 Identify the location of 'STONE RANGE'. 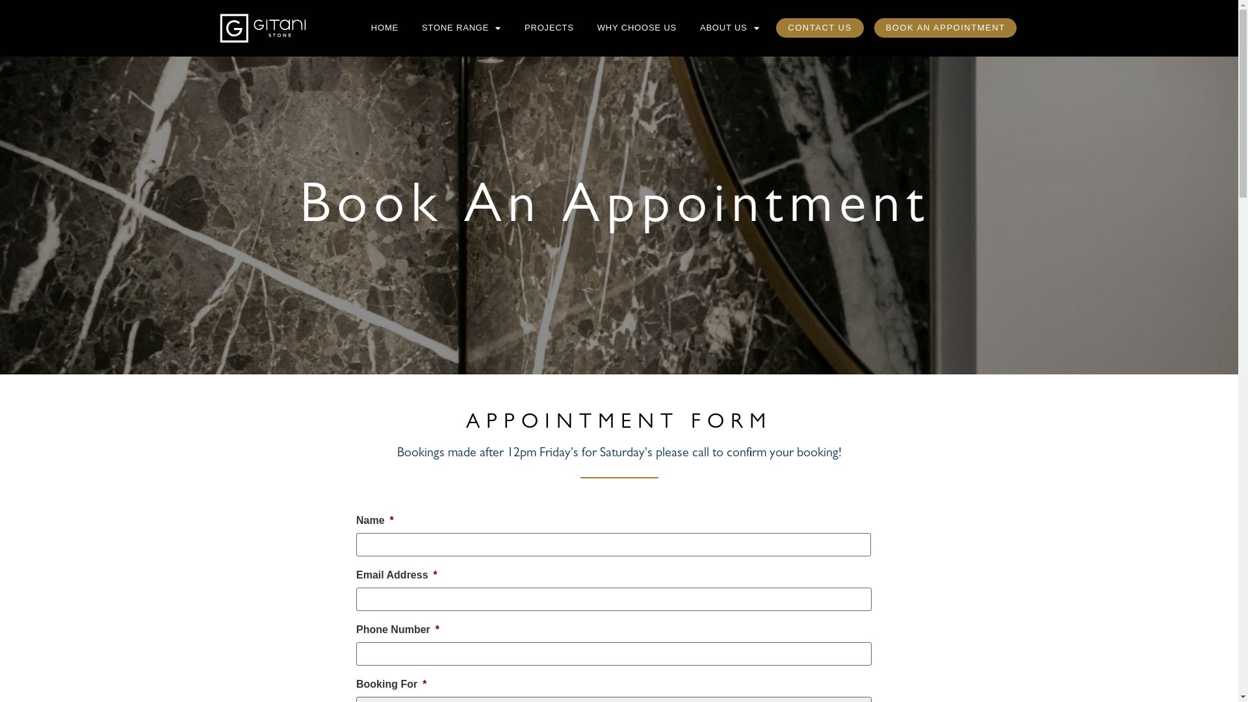
(461, 27).